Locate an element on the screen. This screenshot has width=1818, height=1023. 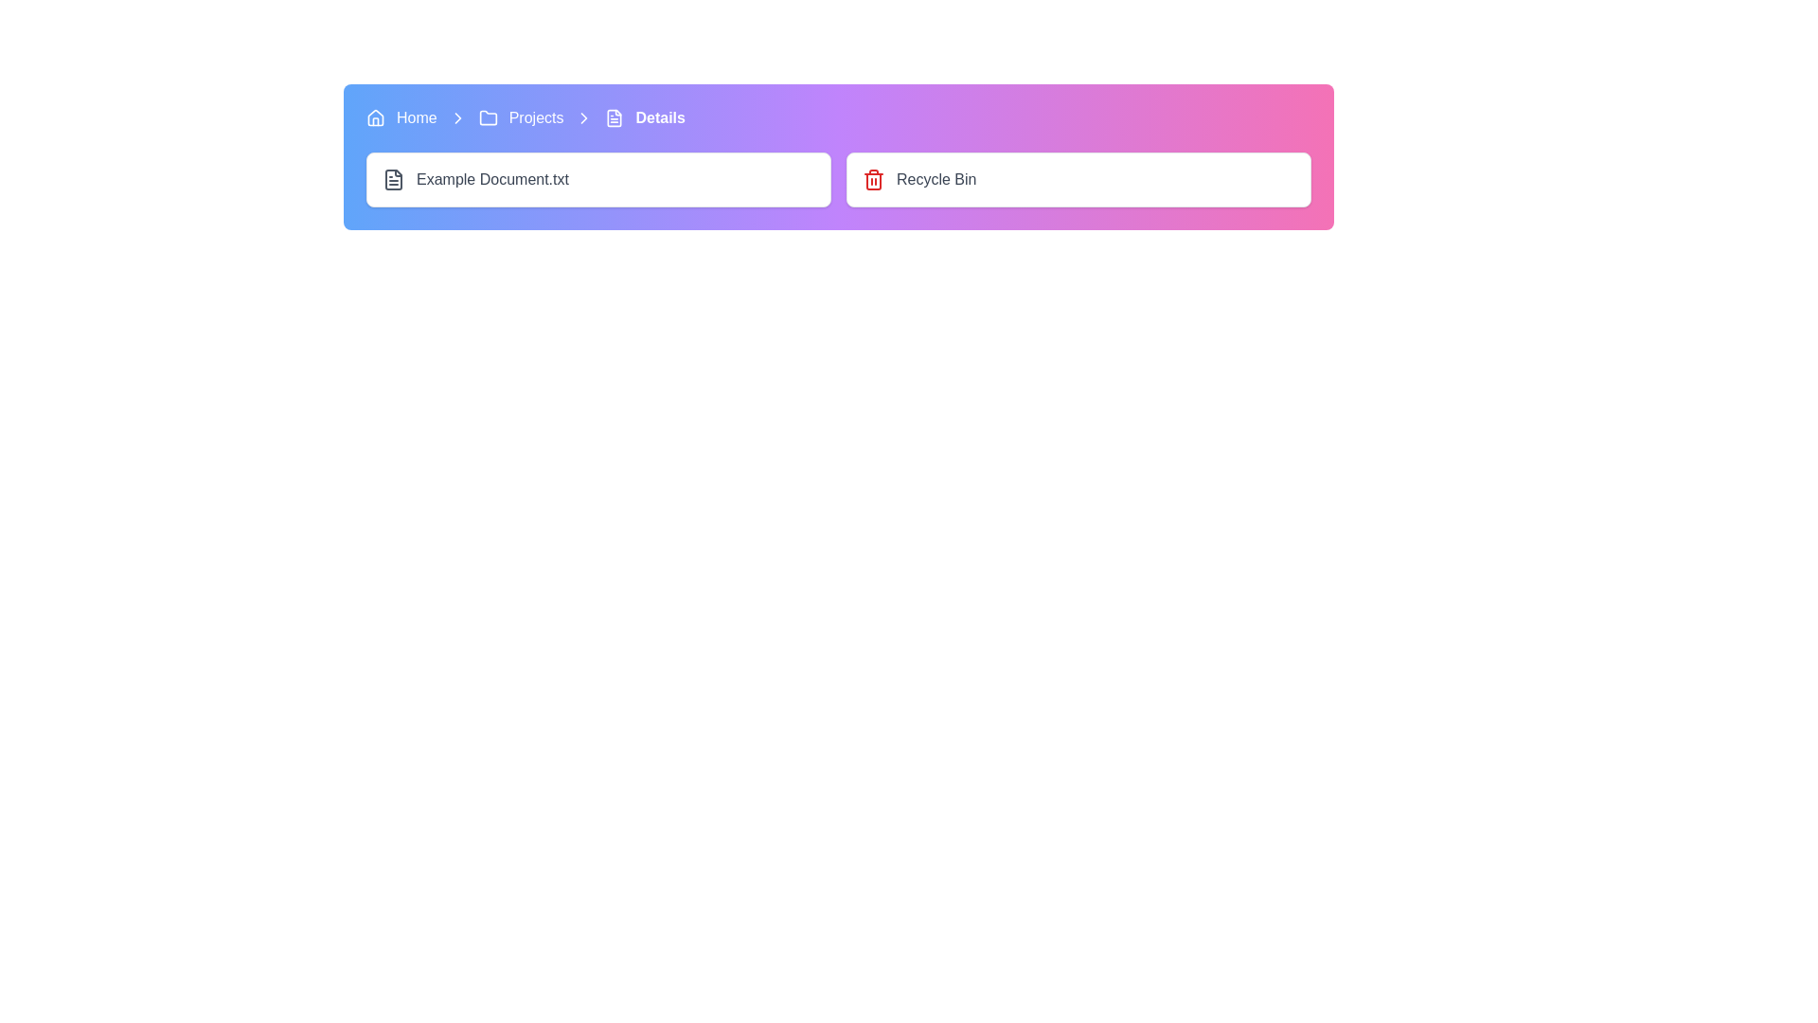
the Text label that indicates the current section in the breadcrumb navigation, positioned after the 'Projects' label and before the right-facing chevron icon is located at coordinates (660, 117).